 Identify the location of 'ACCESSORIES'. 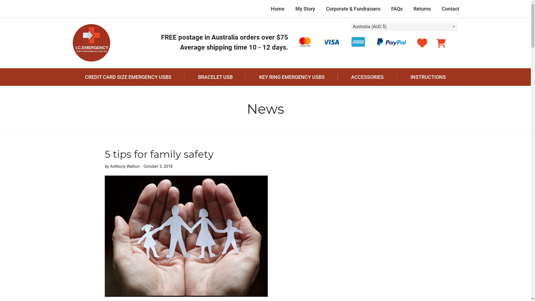
(368, 77).